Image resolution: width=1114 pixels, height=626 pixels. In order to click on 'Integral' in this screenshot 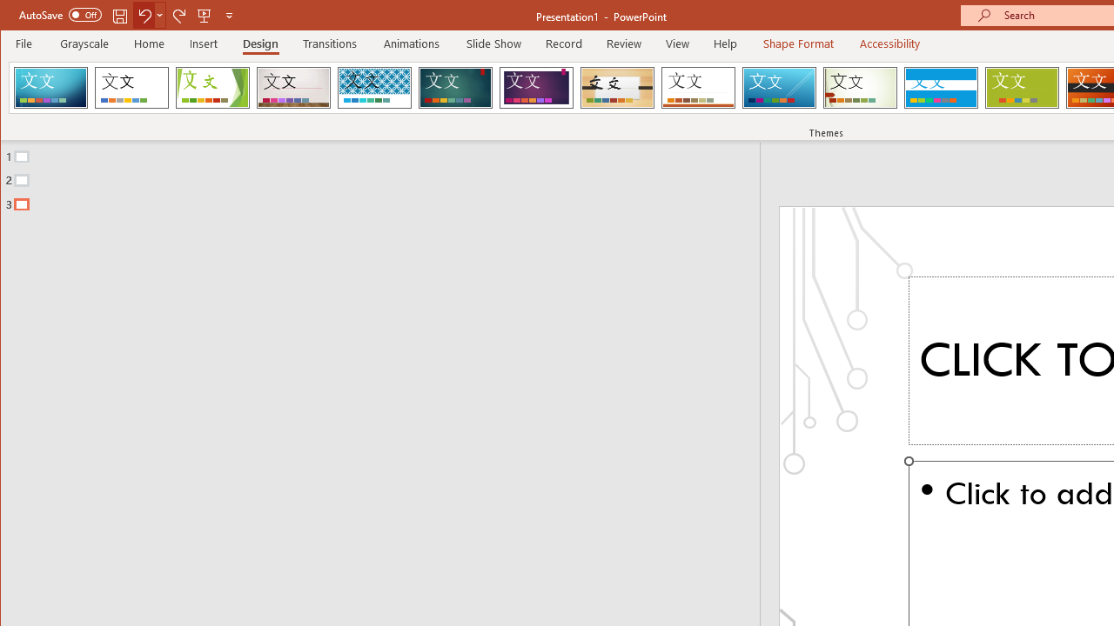, I will do `click(373, 87)`.